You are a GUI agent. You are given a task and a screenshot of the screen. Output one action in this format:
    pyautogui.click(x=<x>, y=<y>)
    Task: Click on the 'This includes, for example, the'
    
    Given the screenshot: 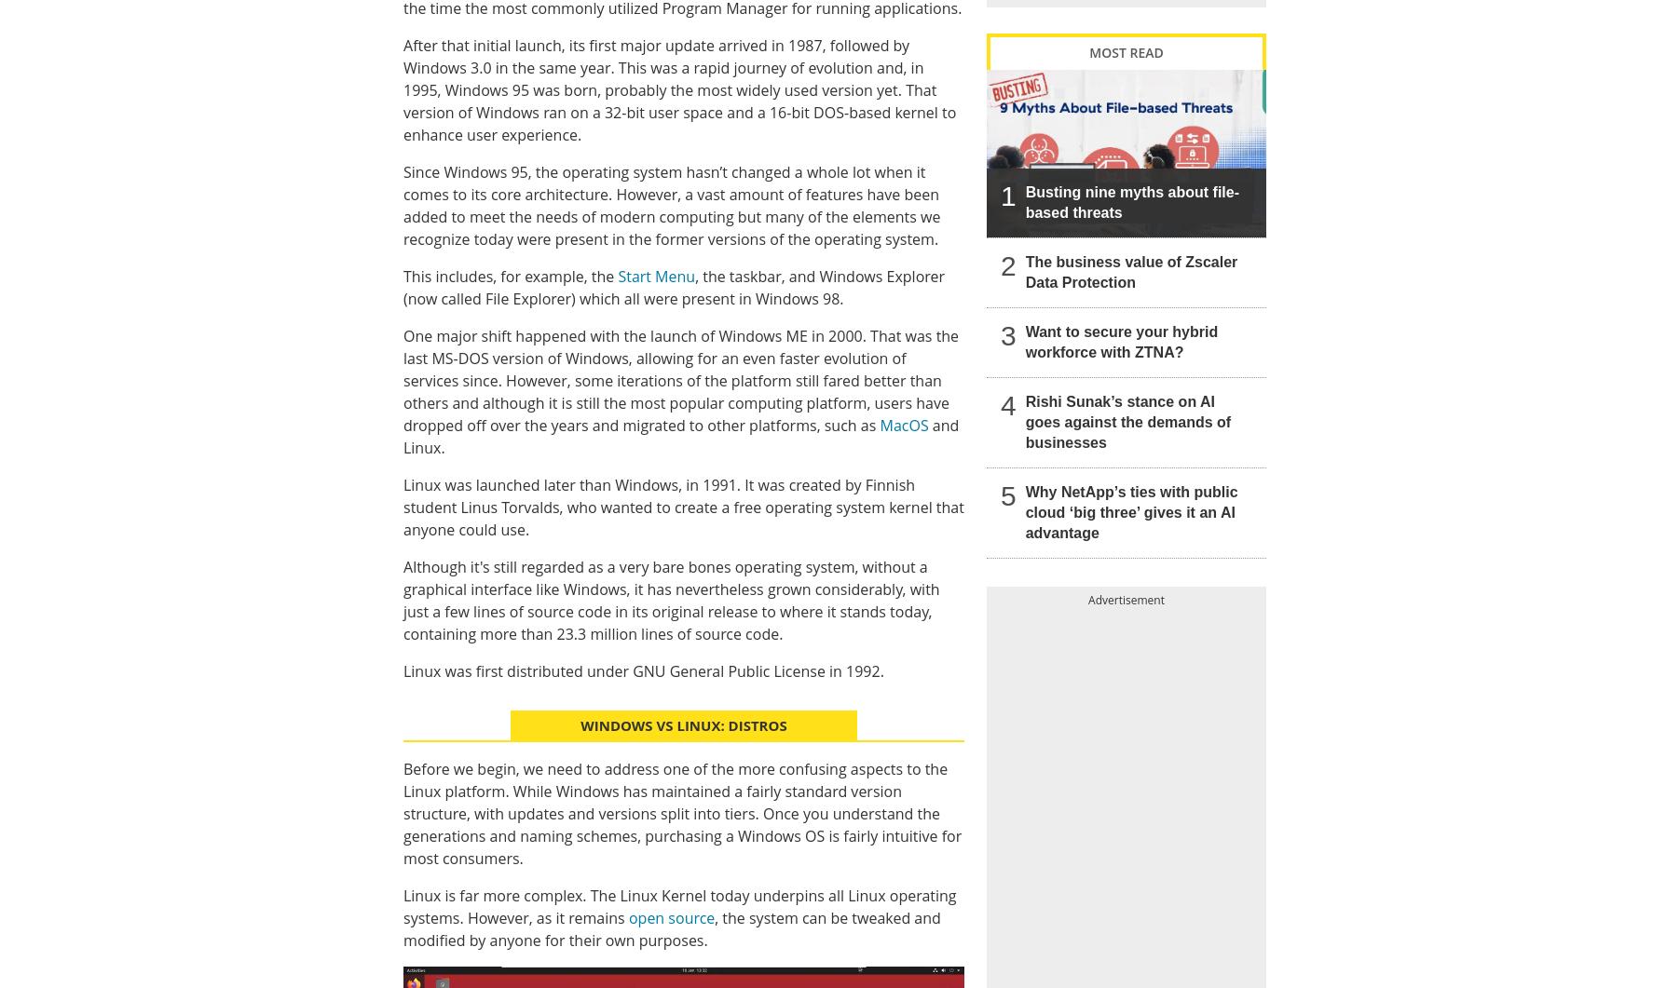 What is the action you would take?
    pyautogui.click(x=511, y=275)
    